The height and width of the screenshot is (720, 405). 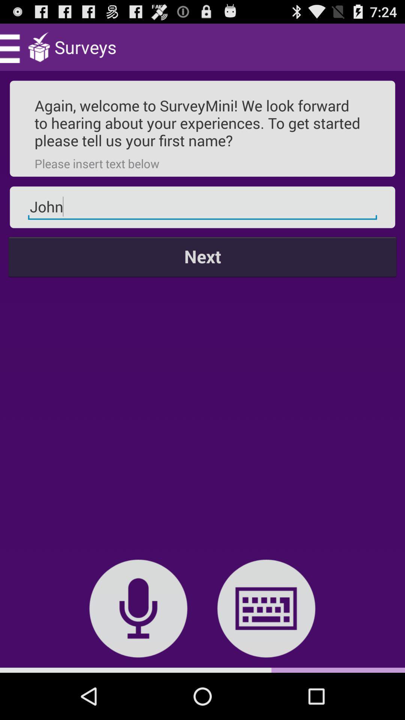 What do you see at coordinates (266, 608) in the screenshot?
I see `the item below the next` at bounding box center [266, 608].